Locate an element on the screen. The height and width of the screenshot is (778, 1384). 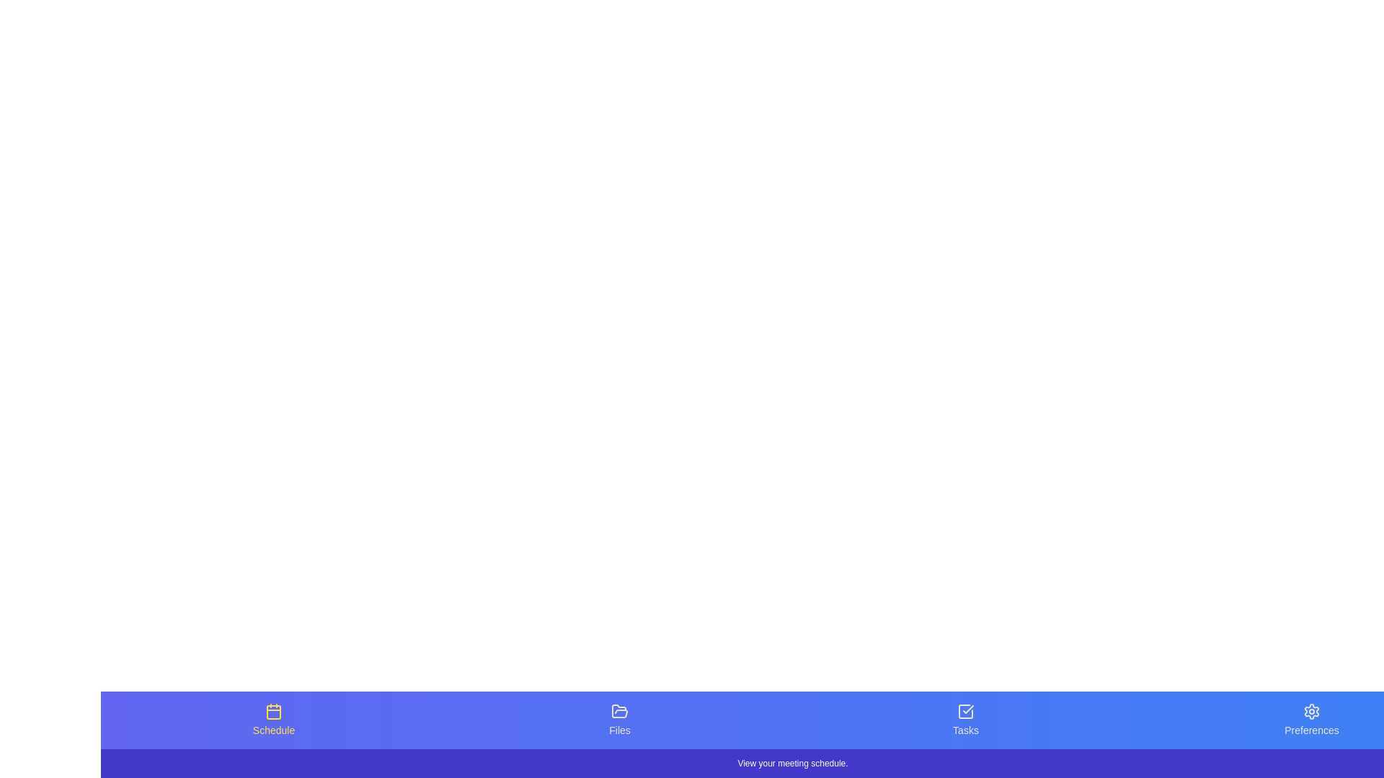
the tab labeled Files is located at coordinates (619, 720).